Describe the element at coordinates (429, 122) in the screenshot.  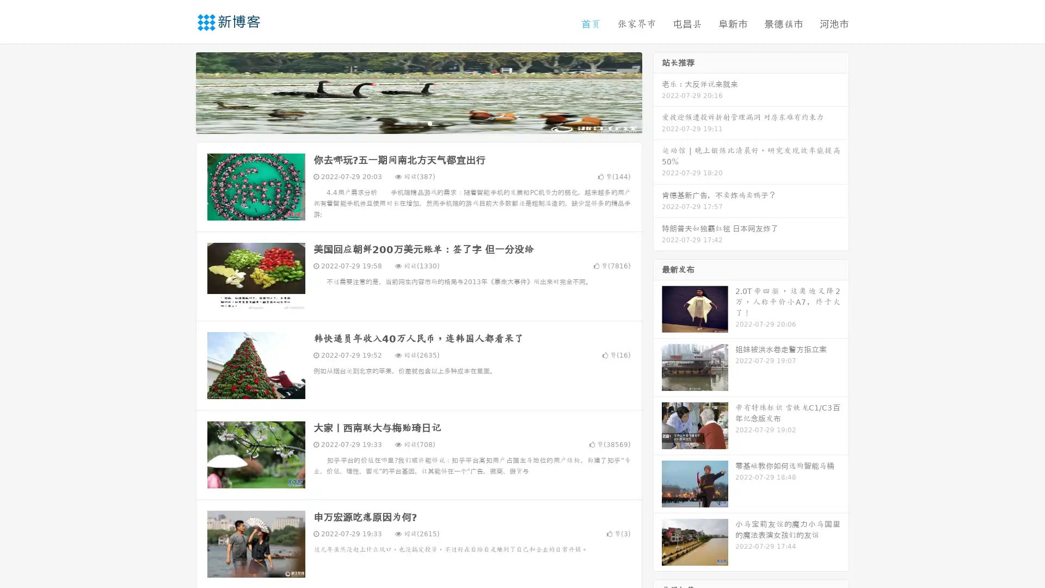
I see `Go to slide 3` at that location.